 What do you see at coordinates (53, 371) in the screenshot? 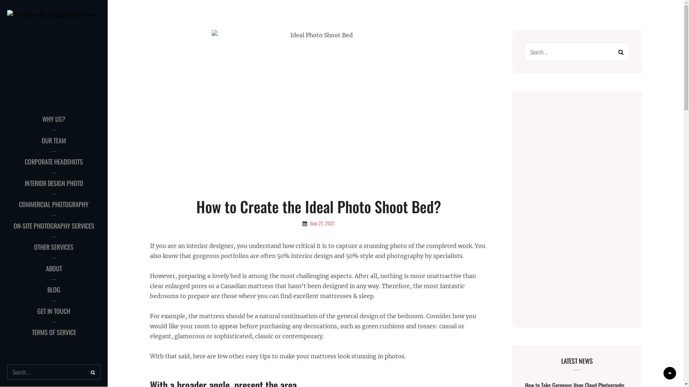
I see `'Search for:'` at bounding box center [53, 371].